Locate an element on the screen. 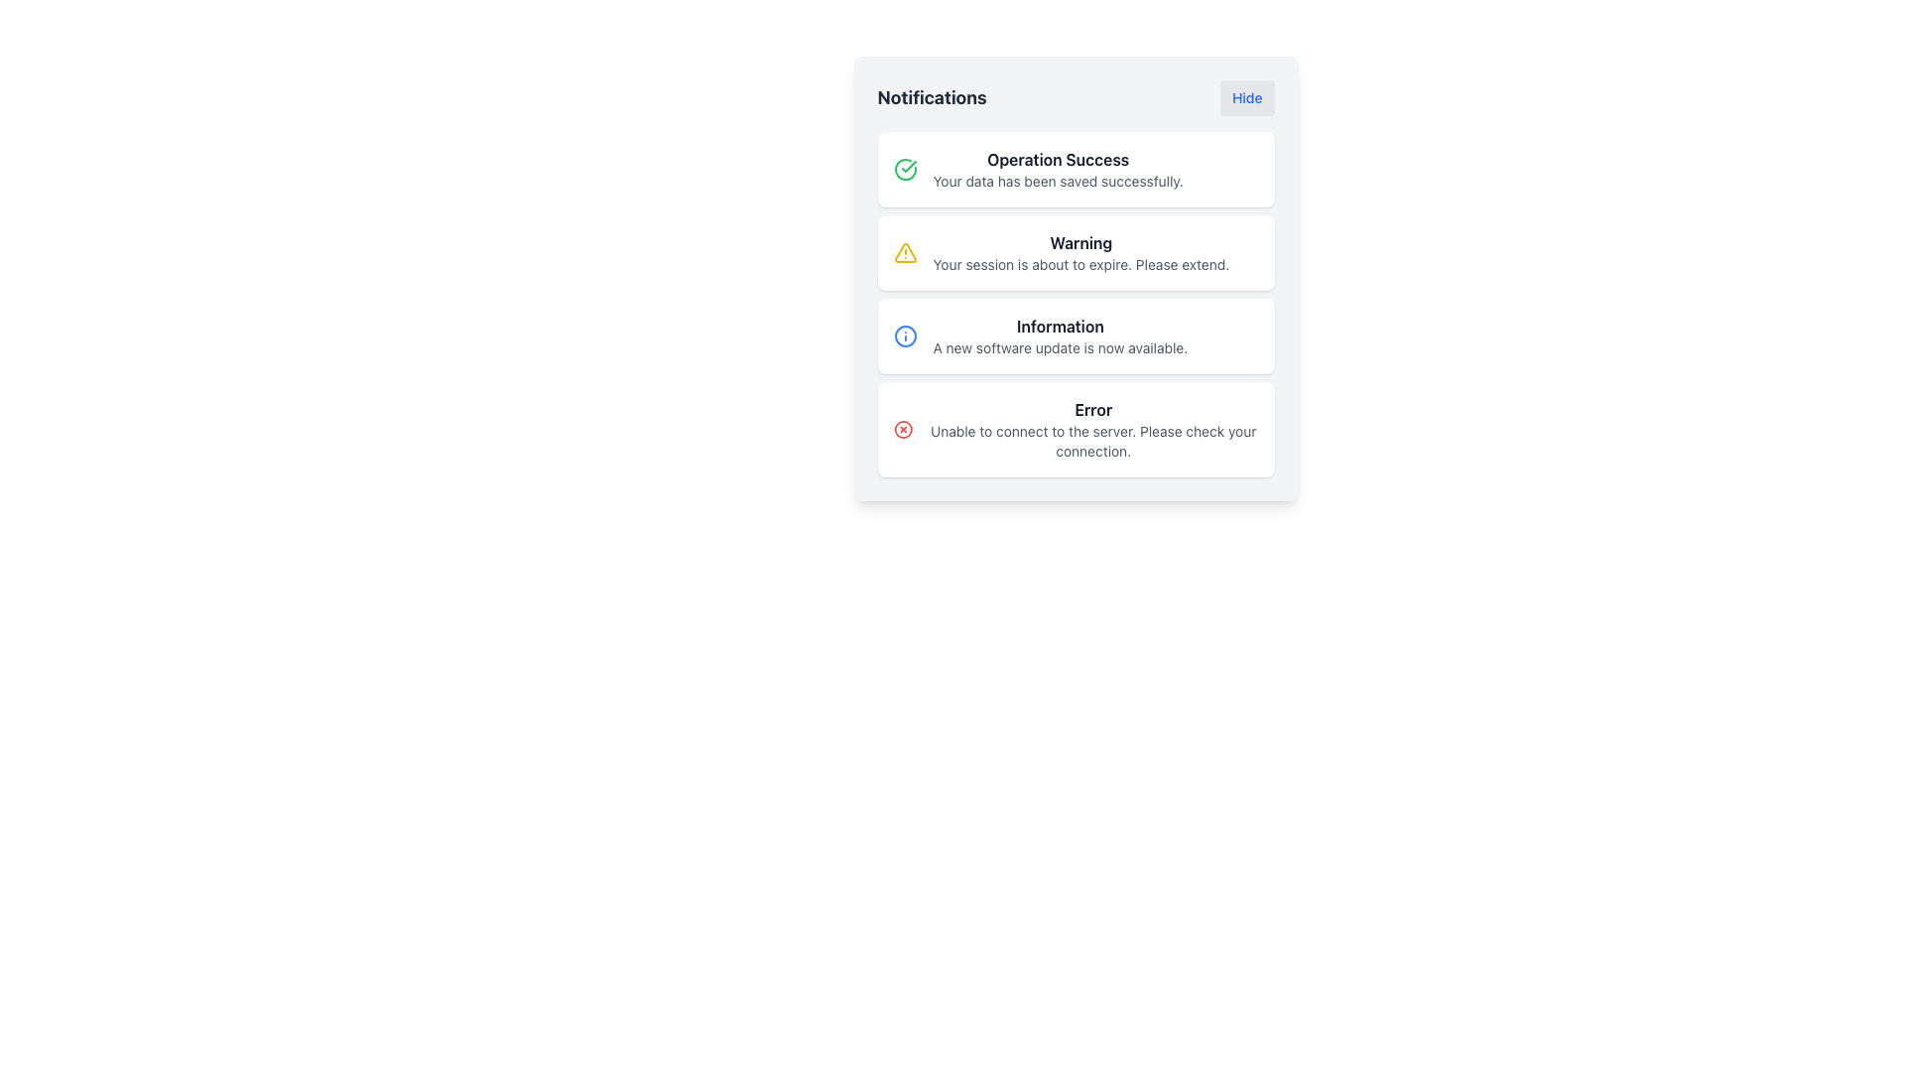 The height and width of the screenshot is (1072, 1905). the button located in the upper-right corner of the notification section, positioned to the right of the 'Notifications' title is located at coordinates (1246, 98).